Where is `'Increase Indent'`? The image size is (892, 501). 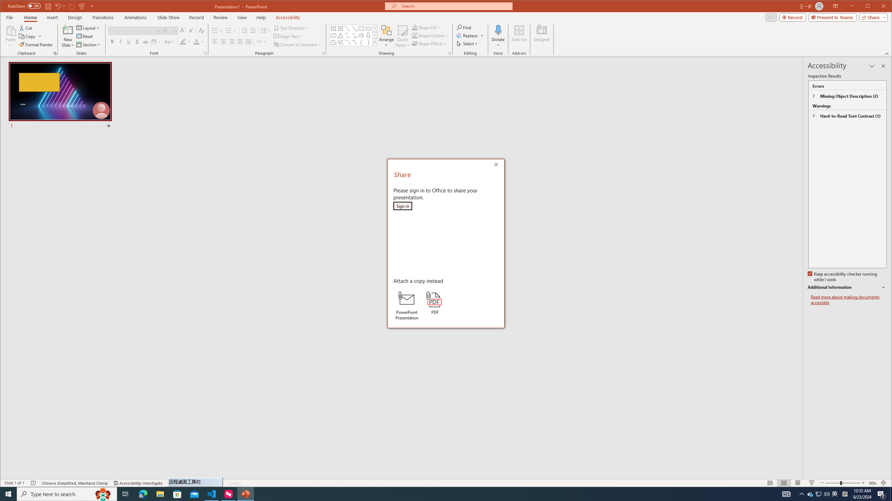 'Increase Indent' is located at coordinates (253, 30).